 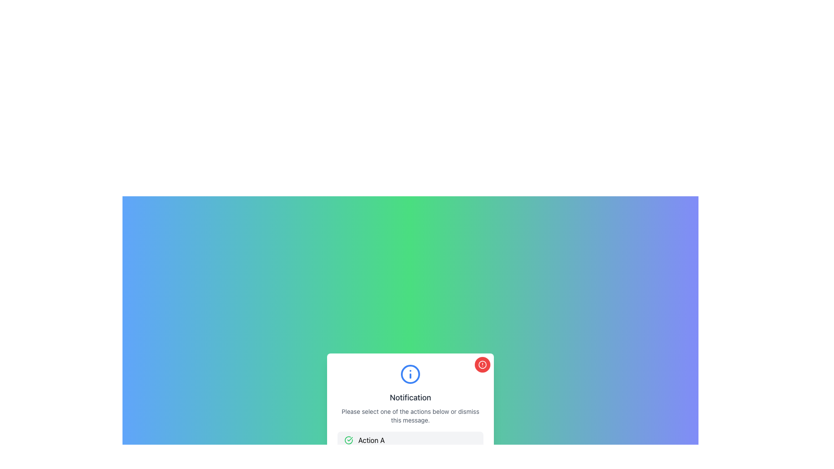 I want to click on properties of the SVG Circle that signifies a boundary for the alert icon in the top-right corner of the notification panel, so click(x=482, y=365).